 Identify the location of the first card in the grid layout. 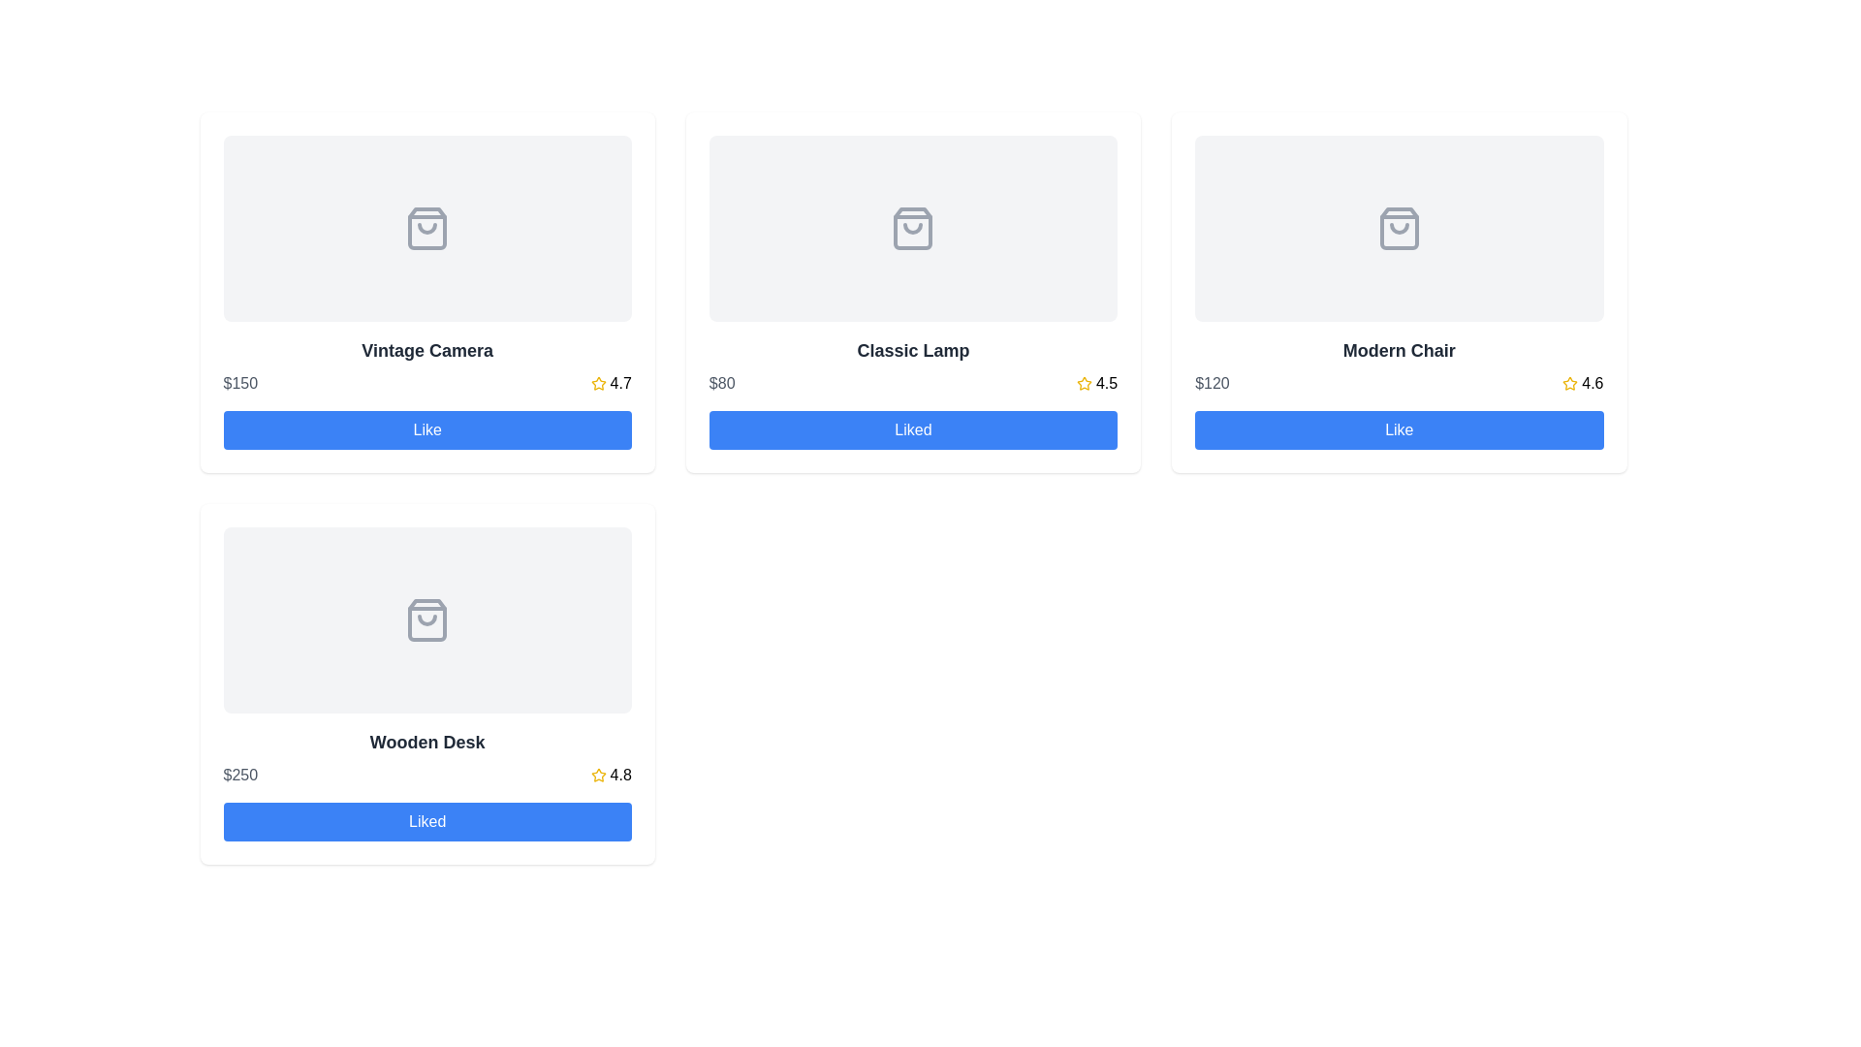
(426, 292).